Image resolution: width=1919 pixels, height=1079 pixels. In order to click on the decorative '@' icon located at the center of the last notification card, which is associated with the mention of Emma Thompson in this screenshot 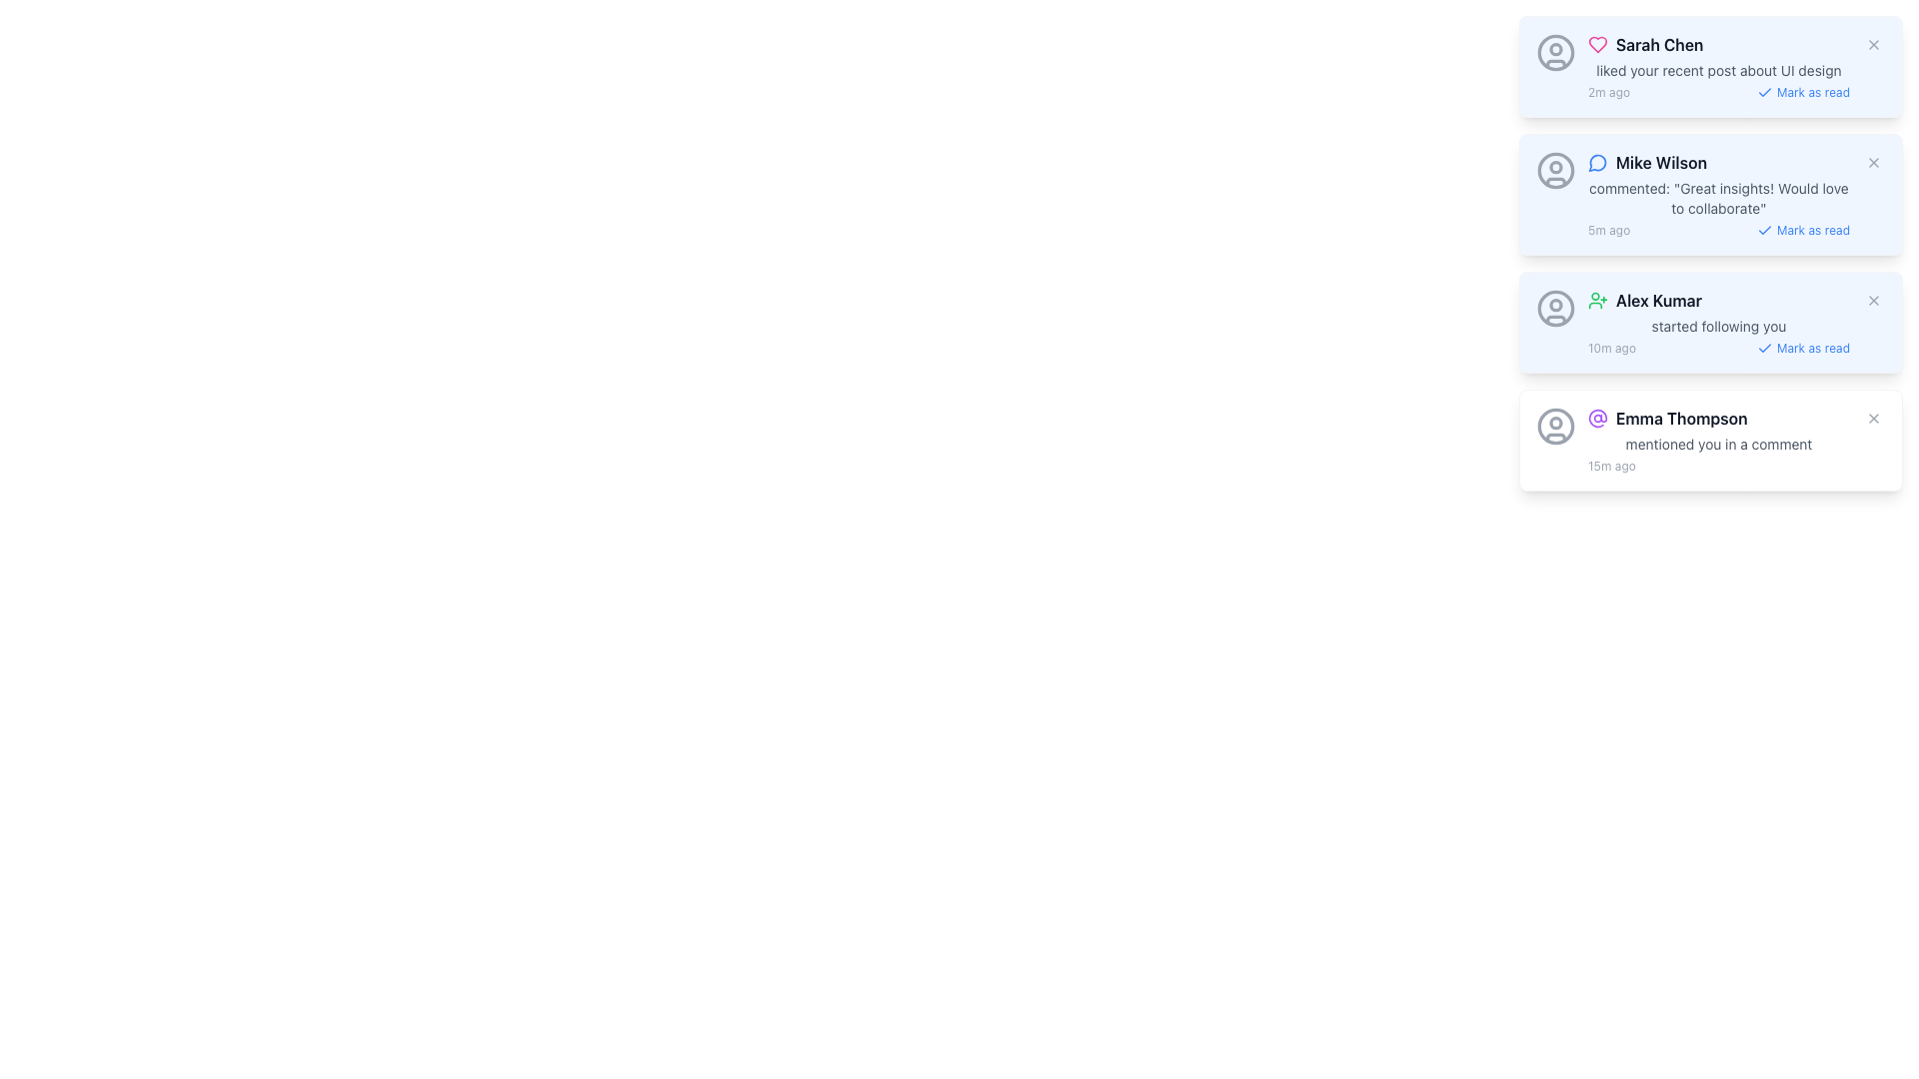, I will do `click(1596, 418)`.